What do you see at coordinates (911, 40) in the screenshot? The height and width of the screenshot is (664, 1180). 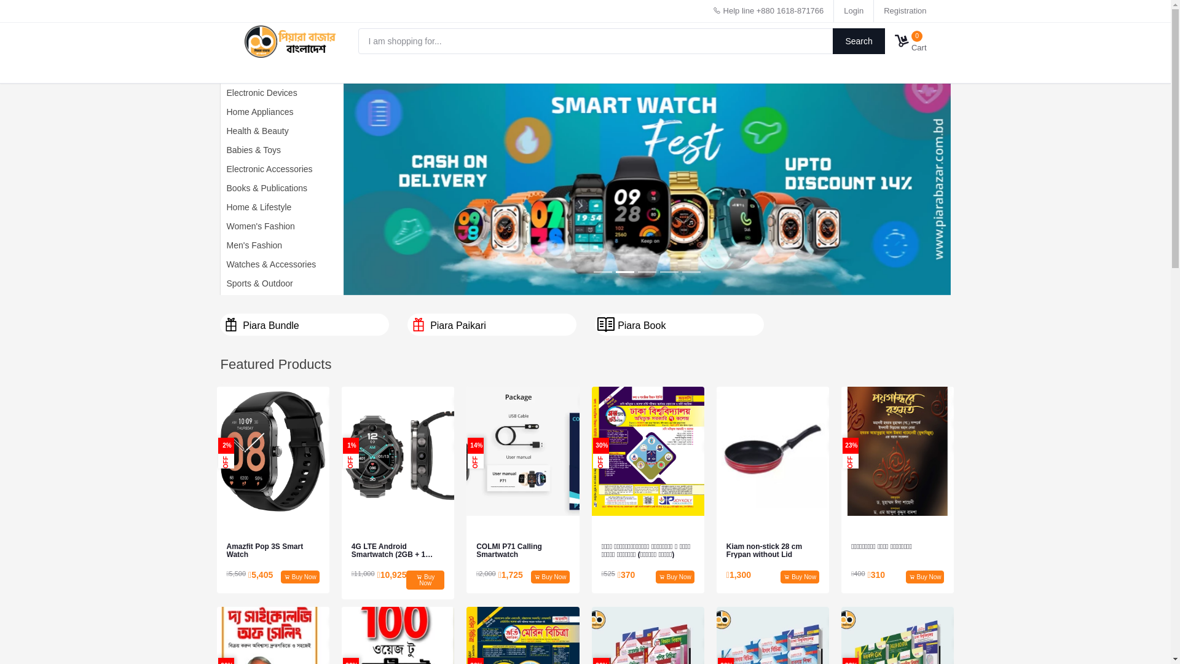 I see `'0` at bounding box center [911, 40].